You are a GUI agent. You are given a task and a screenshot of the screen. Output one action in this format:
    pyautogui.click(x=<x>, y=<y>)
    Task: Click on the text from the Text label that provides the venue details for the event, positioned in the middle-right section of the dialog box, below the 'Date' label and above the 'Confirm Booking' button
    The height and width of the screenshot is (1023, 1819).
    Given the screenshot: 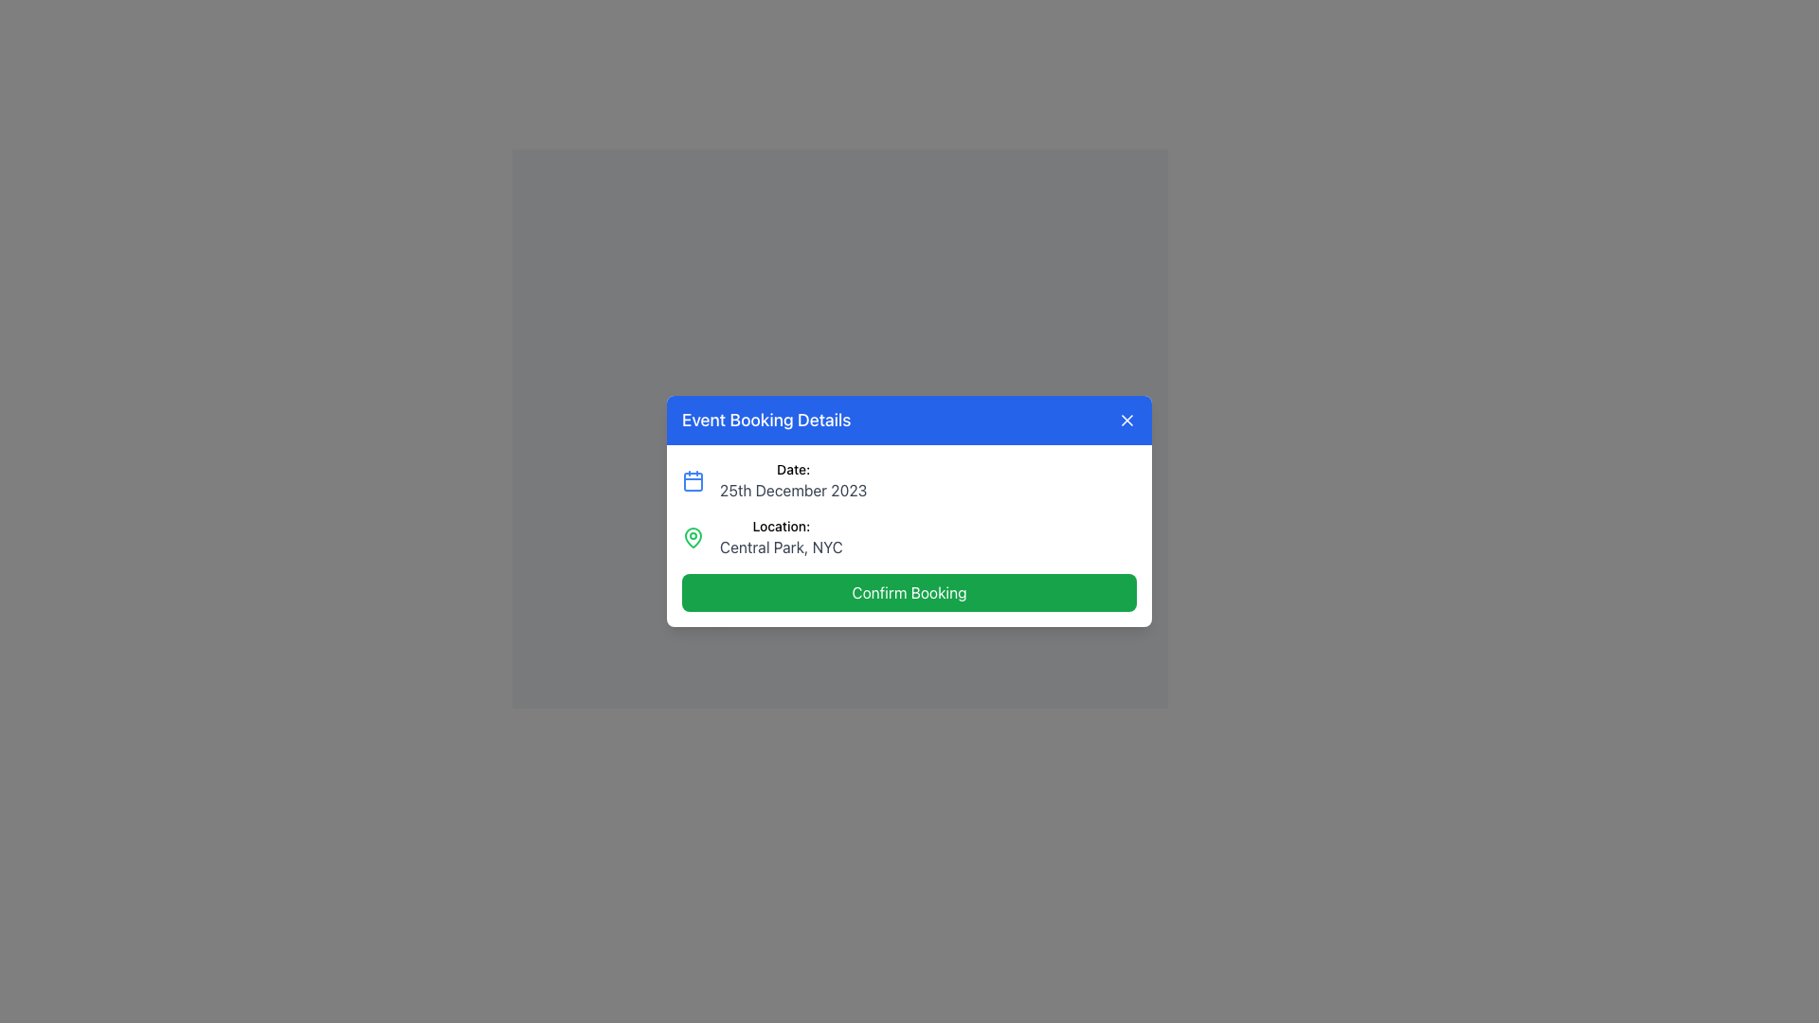 What is the action you would take?
    pyautogui.click(x=782, y=537)
    